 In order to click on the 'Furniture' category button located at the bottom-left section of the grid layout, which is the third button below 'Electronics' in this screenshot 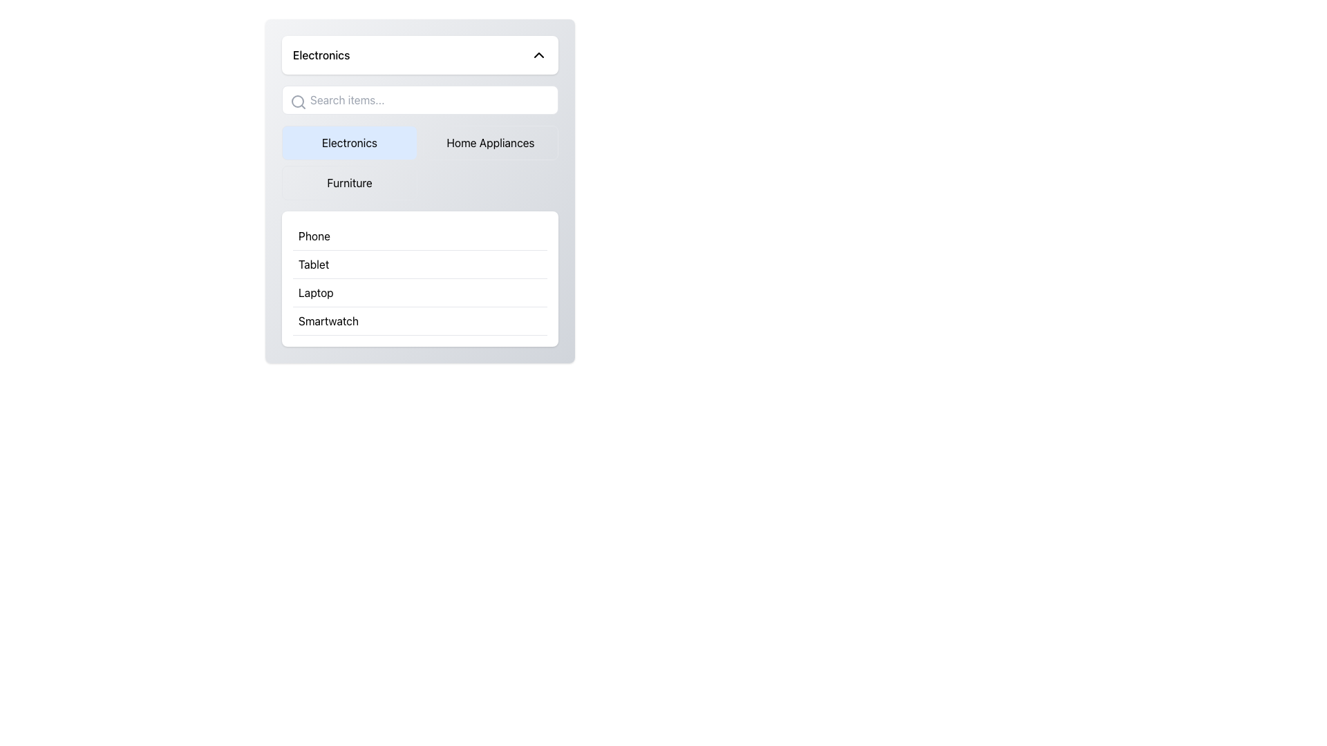, I will do `click(349, 182)`.